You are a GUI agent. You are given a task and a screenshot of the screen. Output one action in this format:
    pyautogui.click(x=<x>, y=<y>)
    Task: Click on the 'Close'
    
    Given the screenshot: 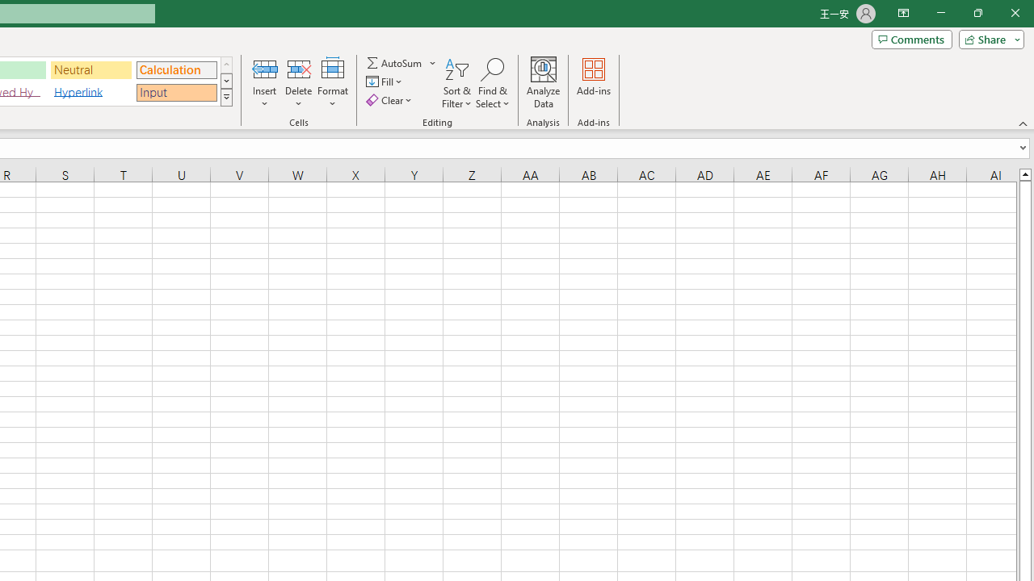 What is the action you would take?
    pyautogui.click(x=1014, y=13)
    